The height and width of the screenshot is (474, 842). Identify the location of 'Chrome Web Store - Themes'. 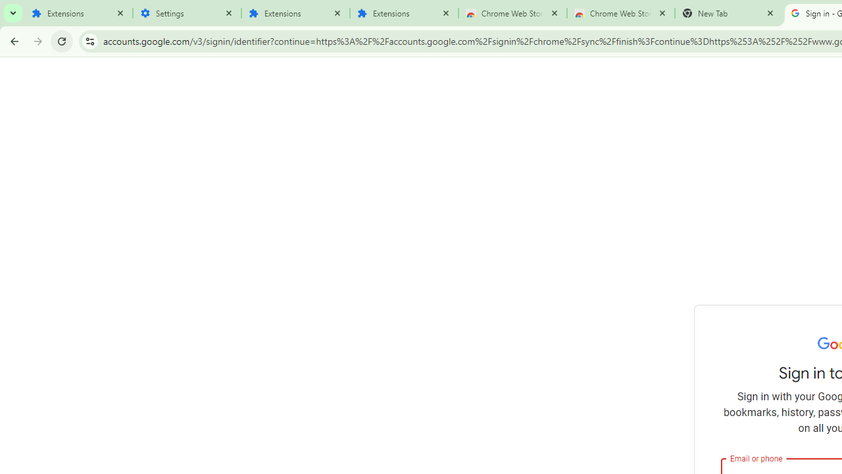
(620, 13).